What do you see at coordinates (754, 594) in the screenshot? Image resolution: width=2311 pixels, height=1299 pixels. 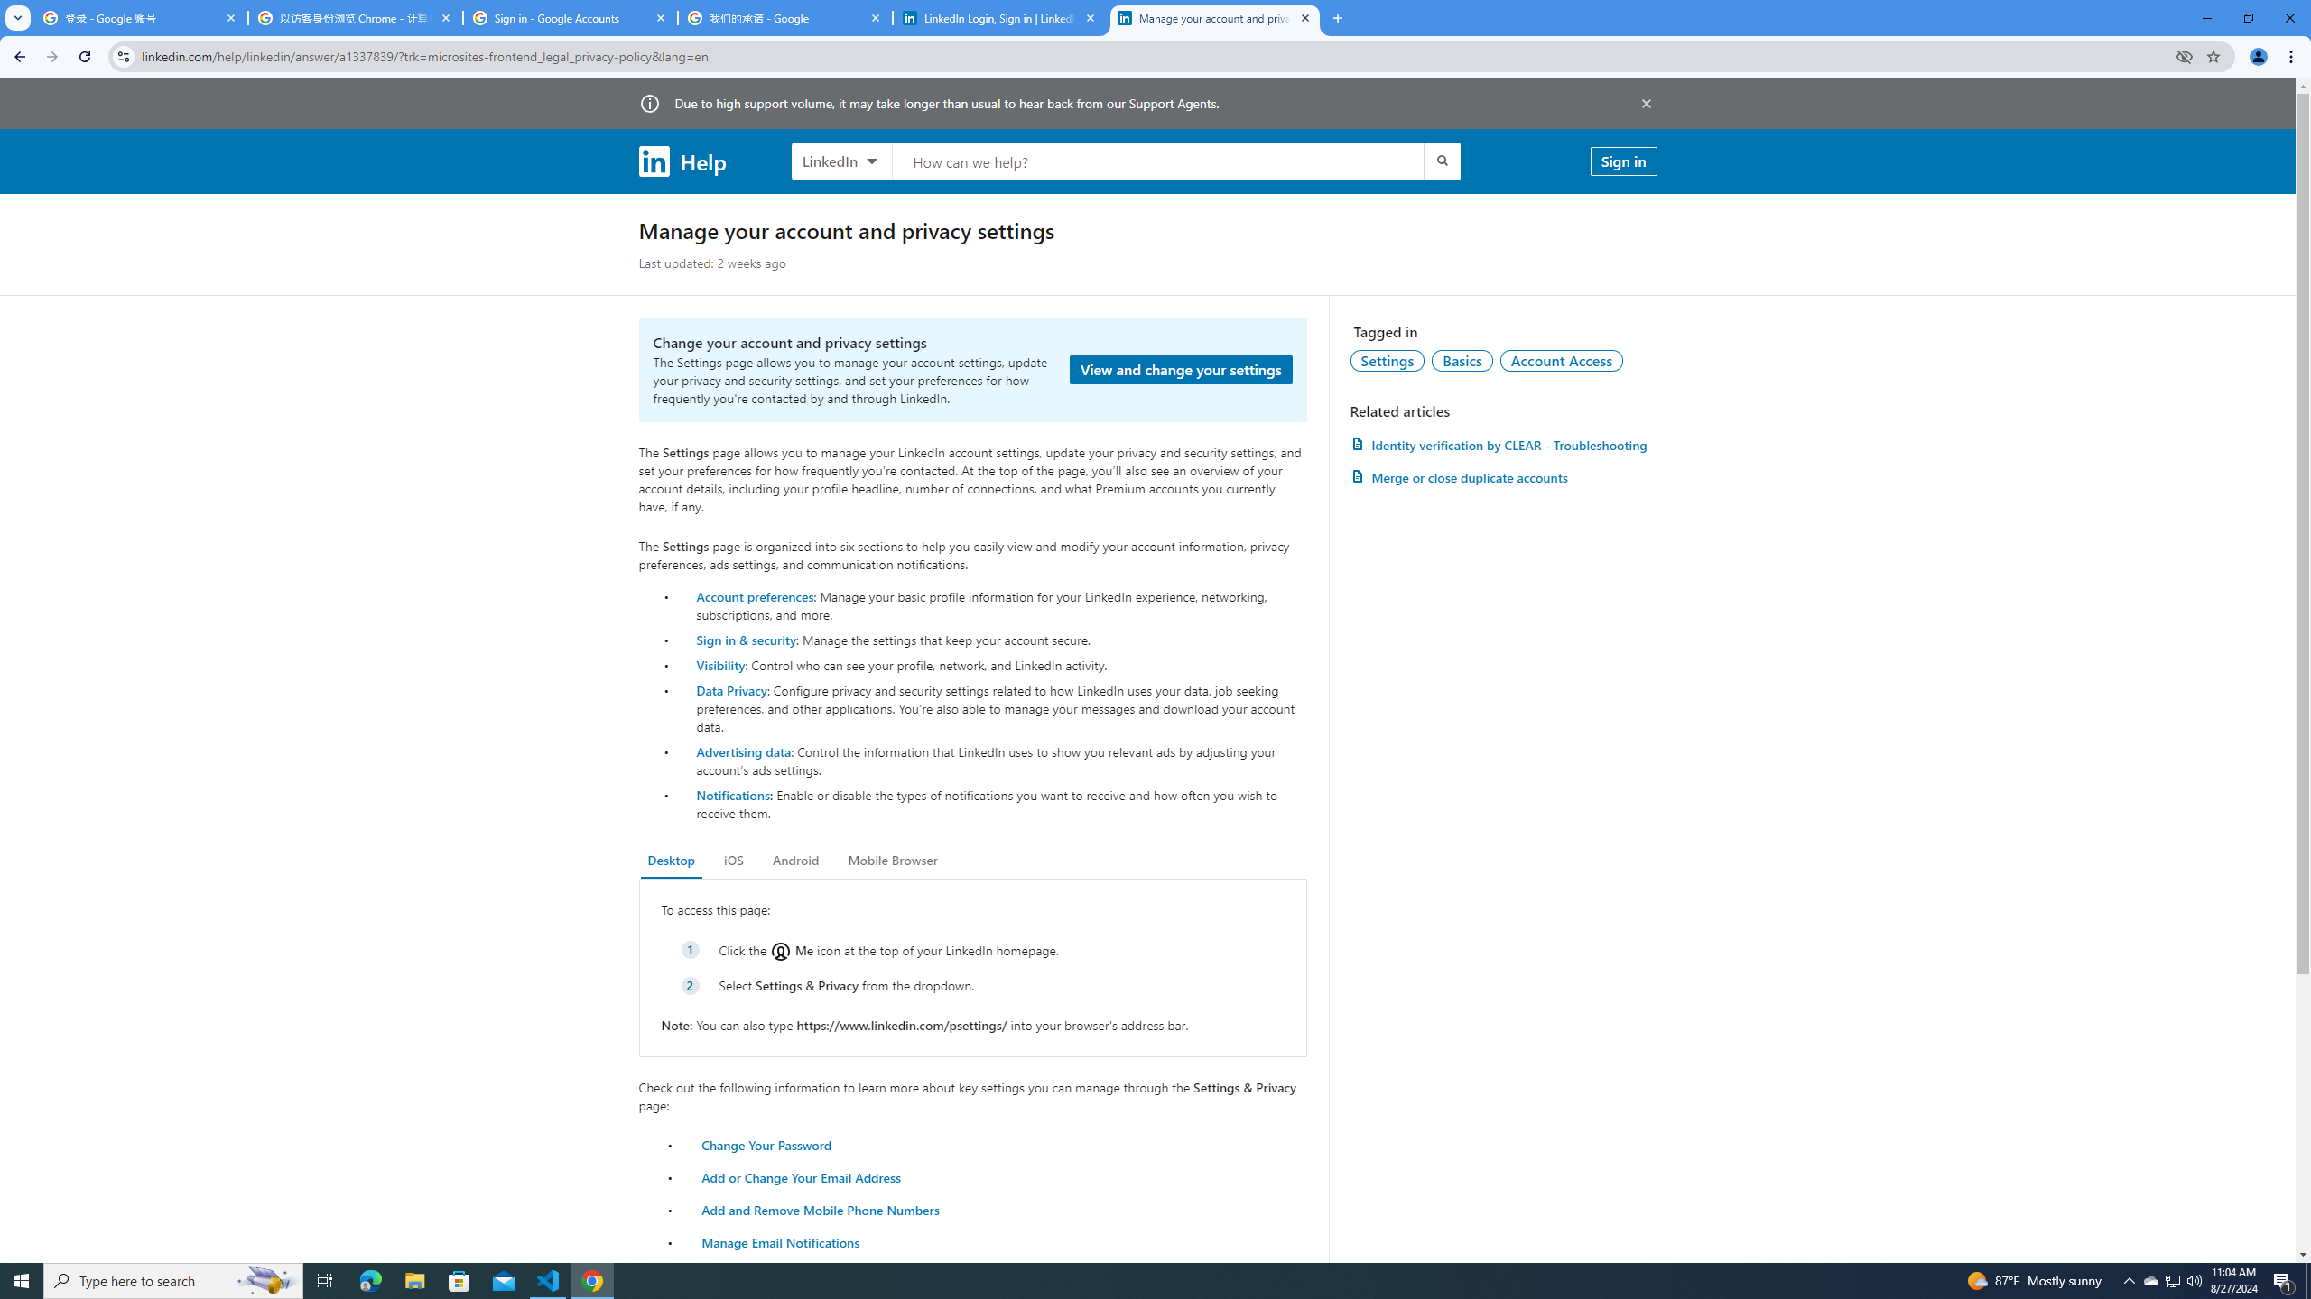 I see `'Account preferences'` at bounding box center [754, 594].